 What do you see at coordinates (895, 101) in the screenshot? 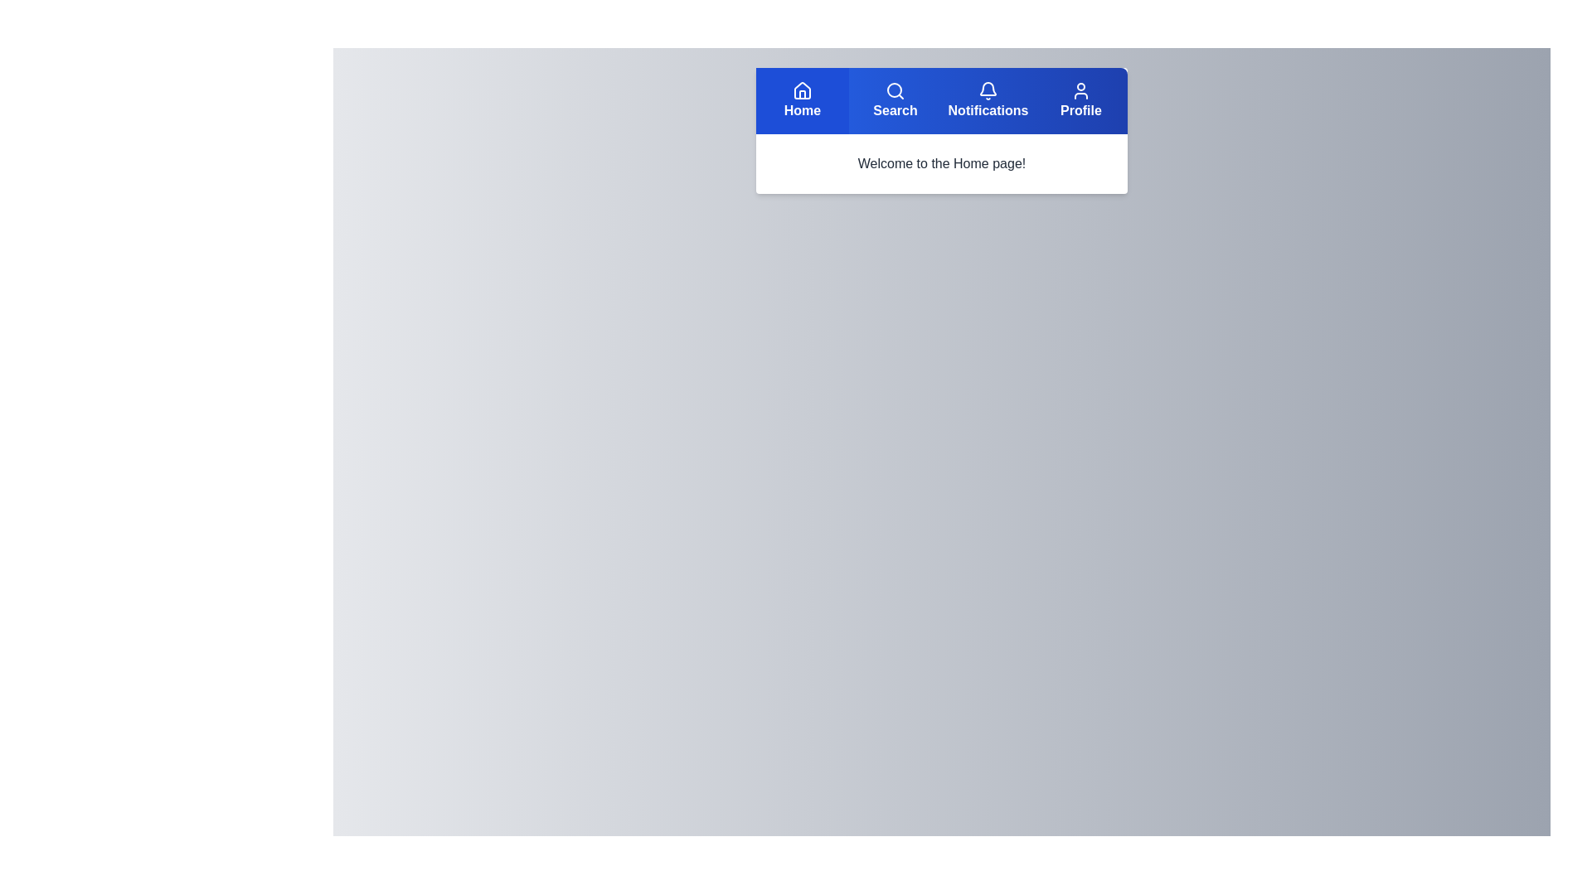
I see `the Search tab by clicking its button` at bounding box center [895, 101].